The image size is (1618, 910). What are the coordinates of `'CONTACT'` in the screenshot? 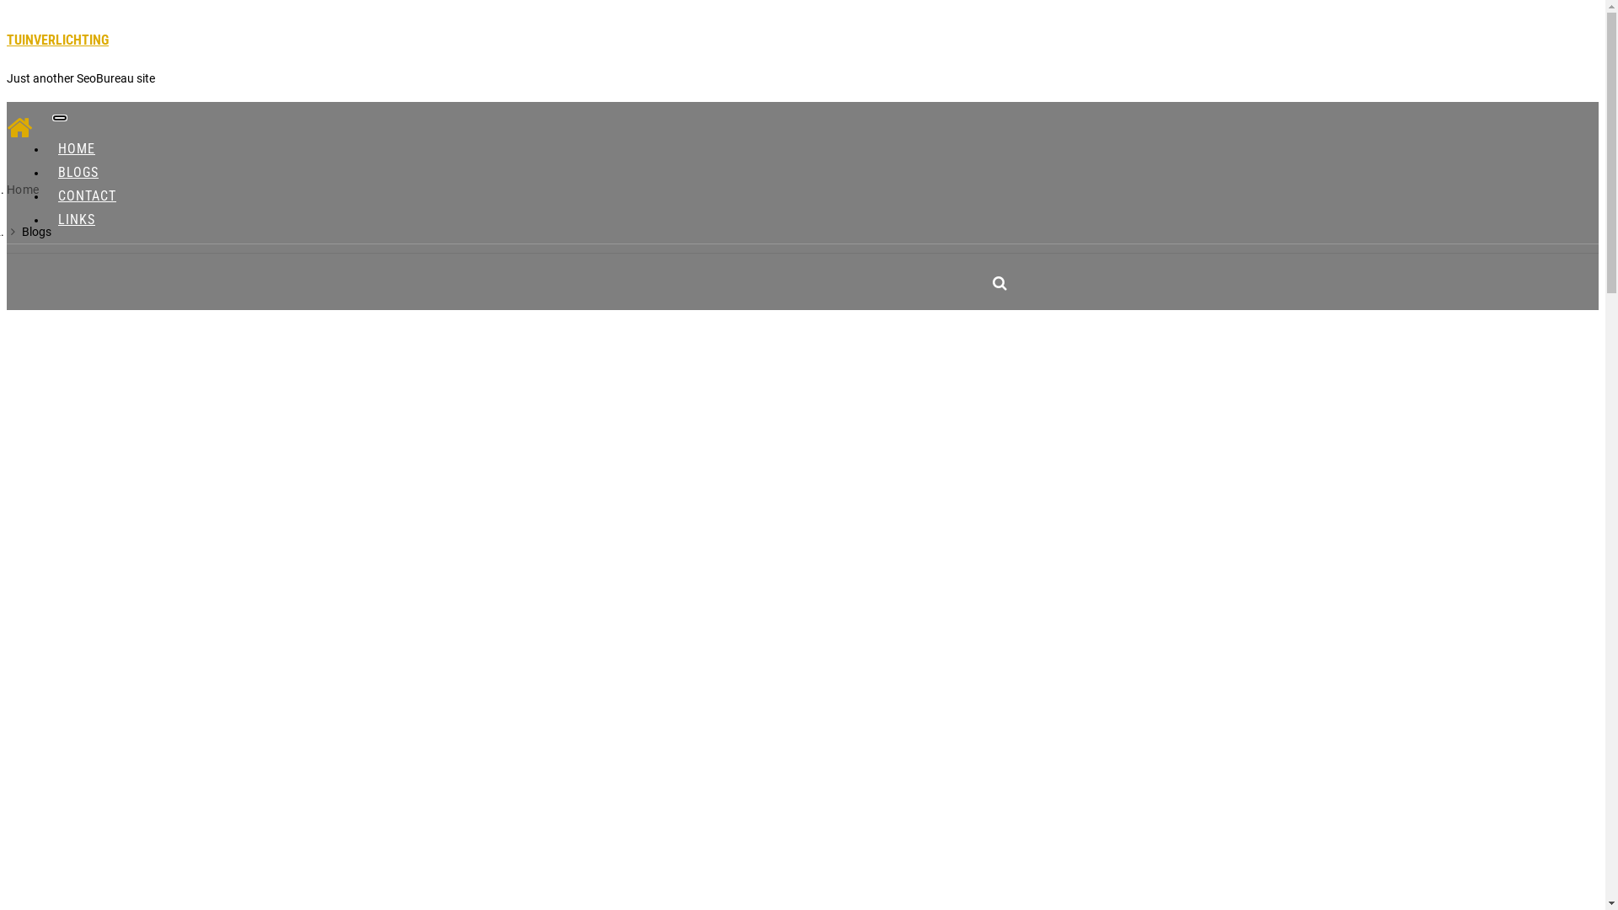 It's located at (86, 195).